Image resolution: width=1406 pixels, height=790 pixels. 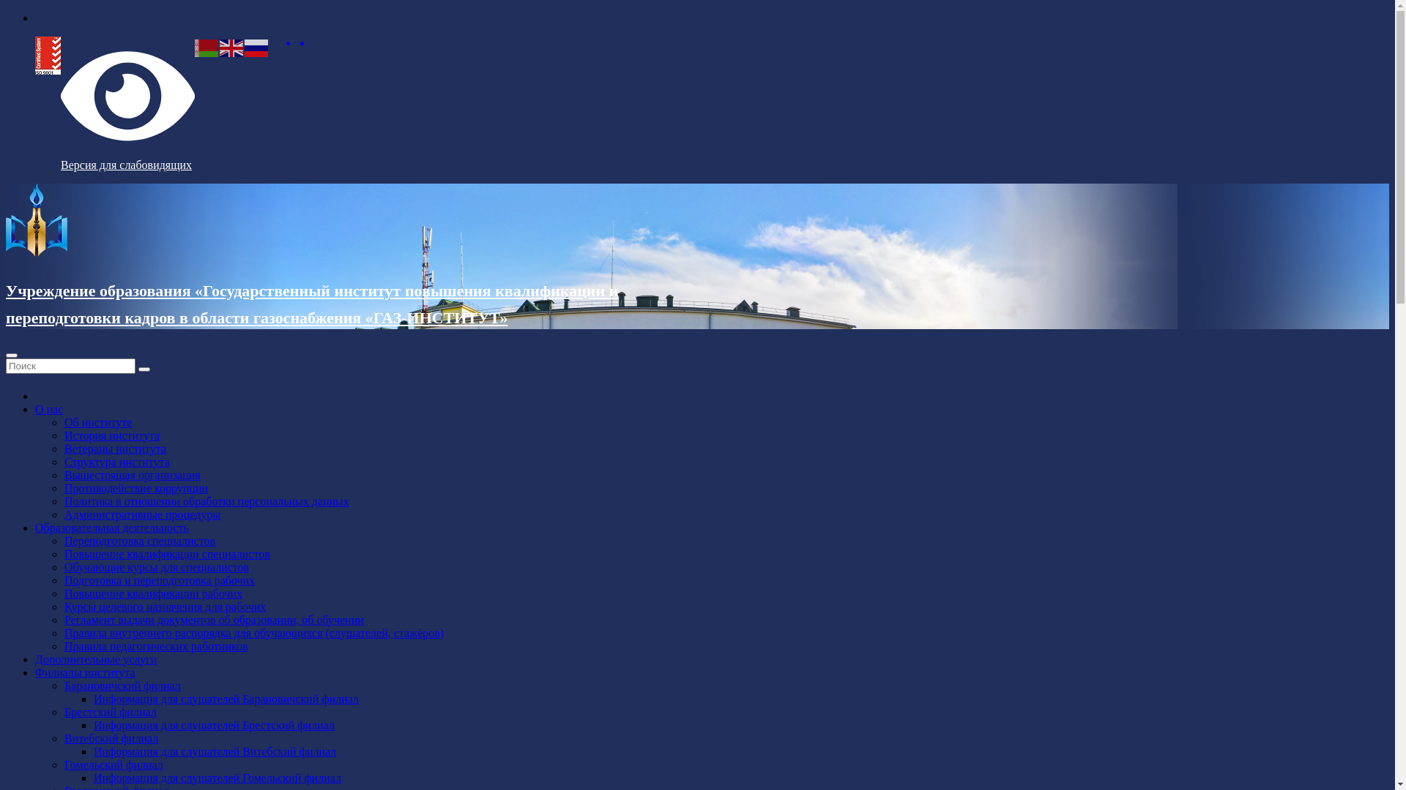 What do you see at coordinates (218, 46) in the screenshot?
I see `'English'` at bounding box center [218, 46].